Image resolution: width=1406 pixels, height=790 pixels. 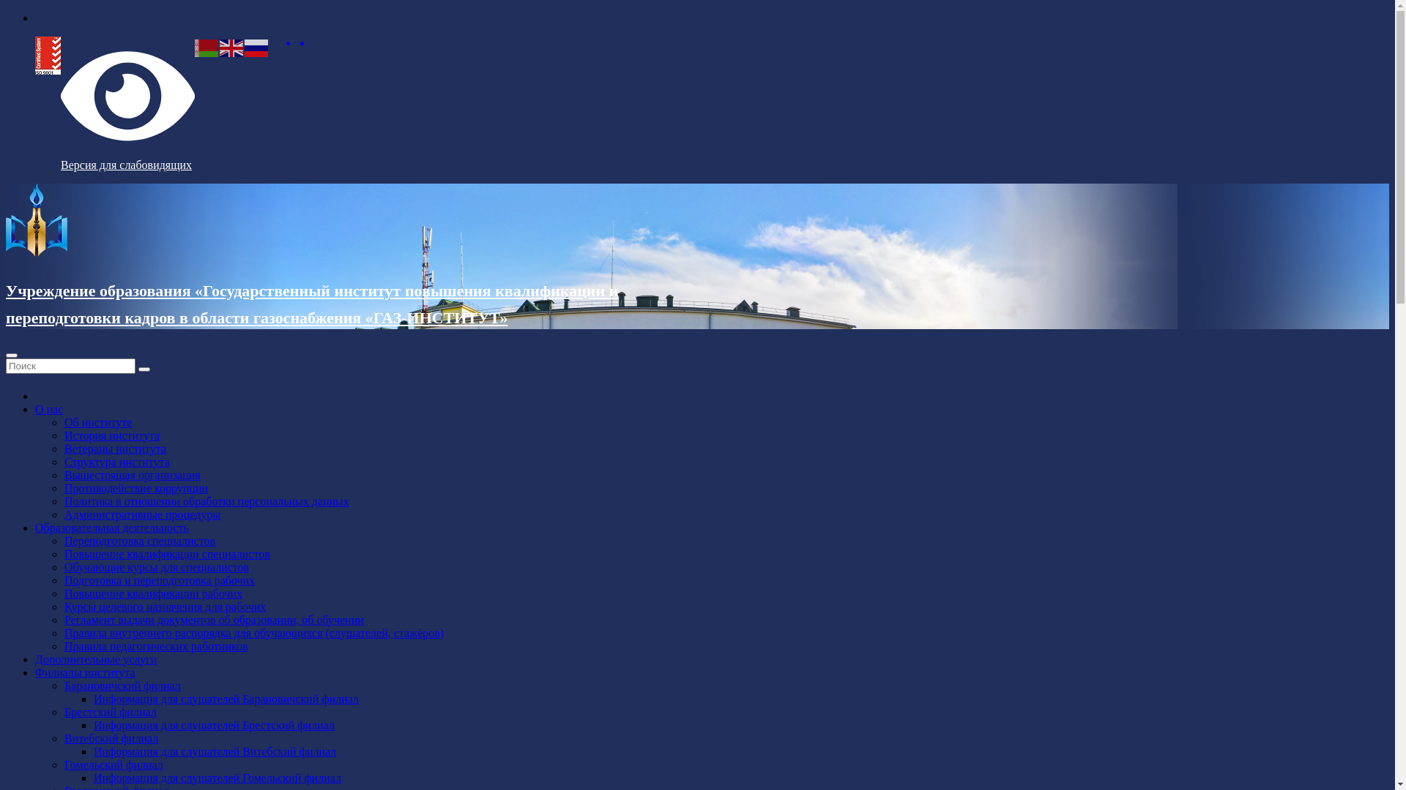 What do you see at coordinates (218, 46) in the screenshot?
I see `'English'` at bounding box center [218, 46].